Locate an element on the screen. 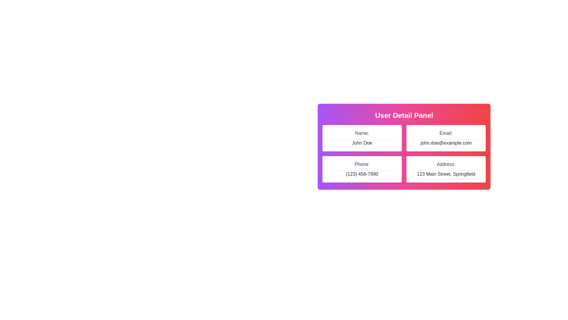  the Text label that identifies the purpose of the data displayed, located above the address '123 Main Street, Springfield' in the bottom-right quadrant of the panel is located at coordinates (446, 164).